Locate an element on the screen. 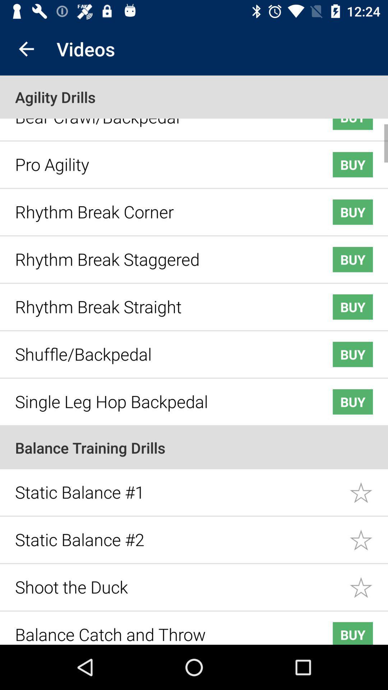  the icon to the left of the videos is located at coordinates (26, 49).